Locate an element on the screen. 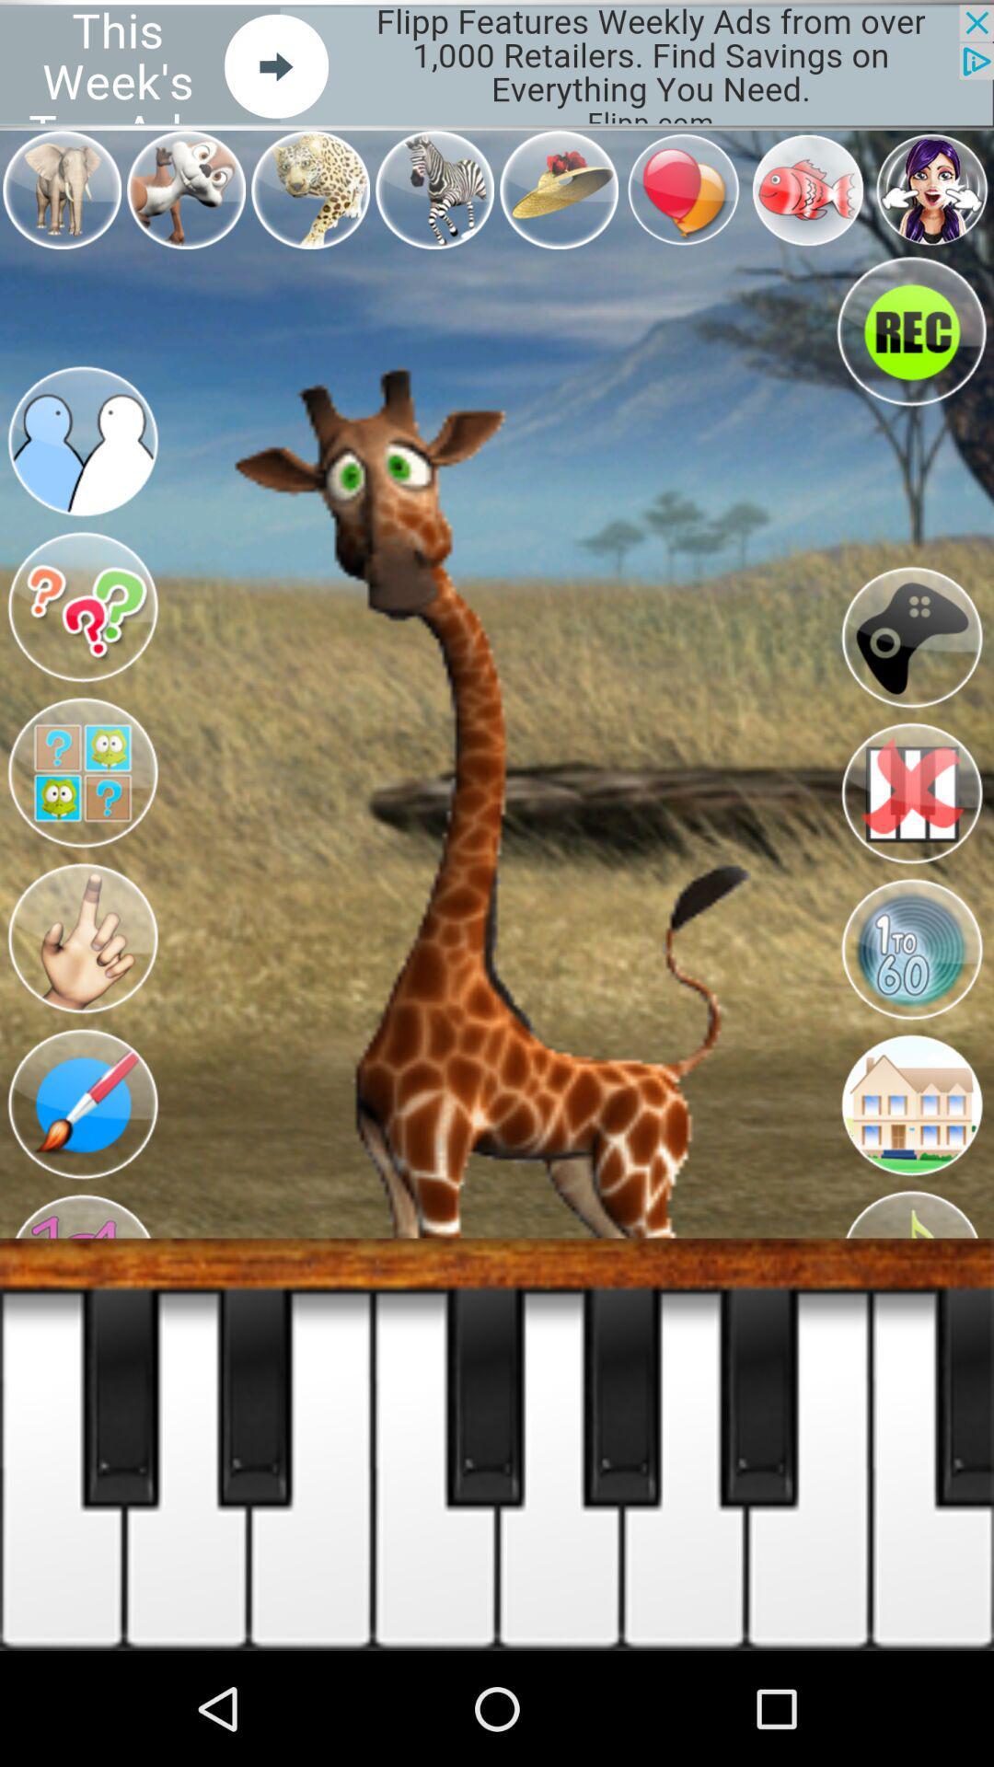 This screenshot has height=1767, width=994. the group icon is located at coordinates (81, 472).